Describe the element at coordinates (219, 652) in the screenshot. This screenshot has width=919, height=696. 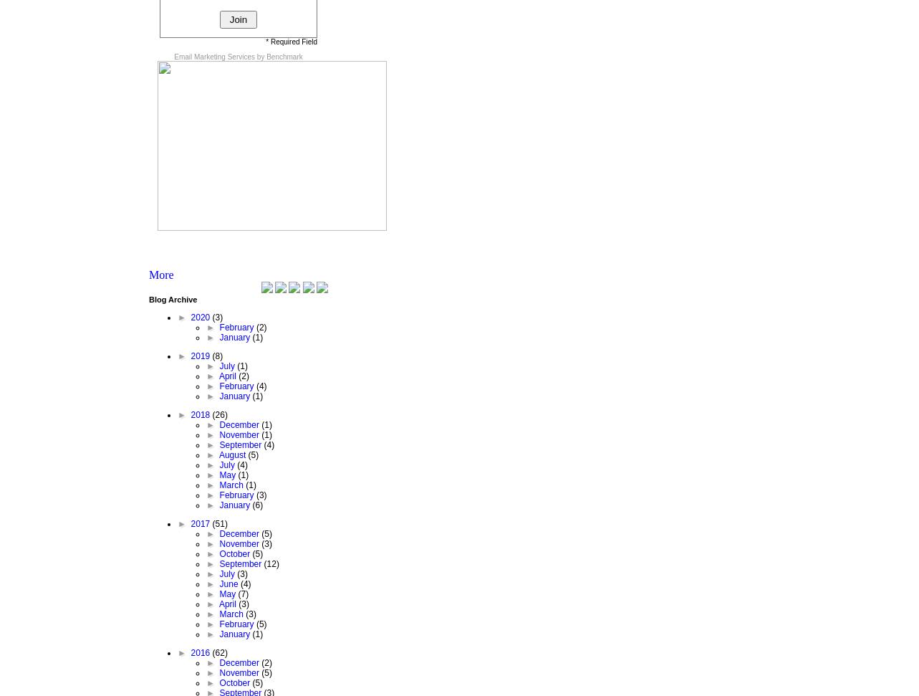
I see `'(62)'` at that location.